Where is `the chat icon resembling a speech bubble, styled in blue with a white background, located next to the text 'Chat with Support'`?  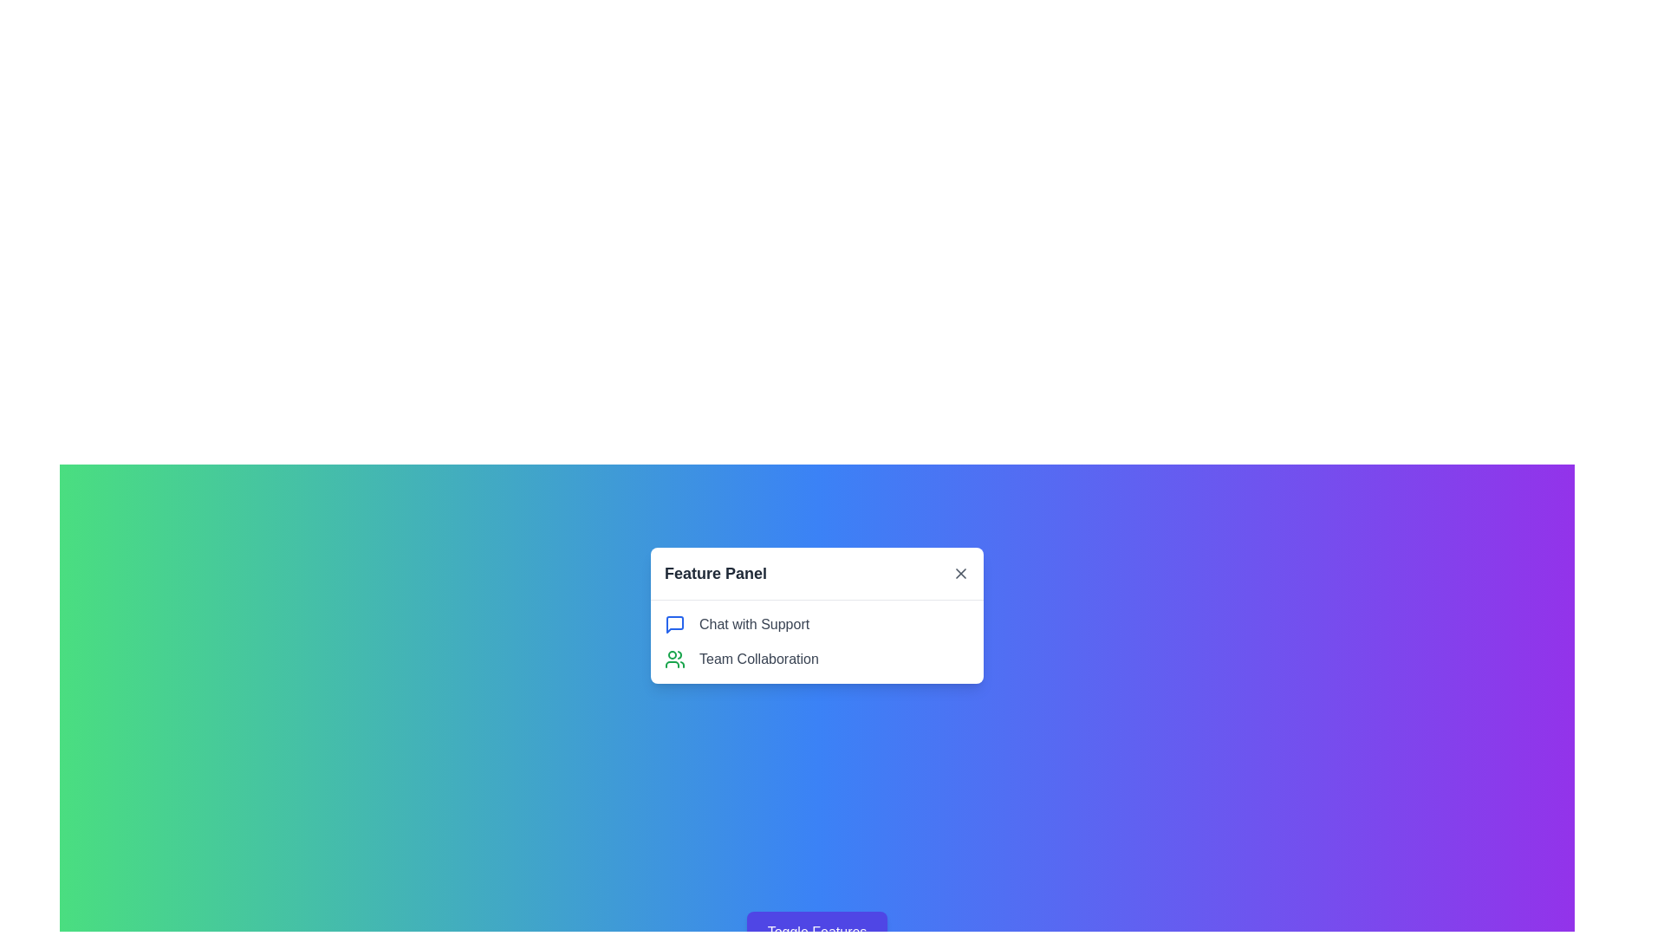 the chat icon resembling a speech bubble, styled in blue with a white background, located next to the text 'Chat with Support' is located at coordinates (673, 625).